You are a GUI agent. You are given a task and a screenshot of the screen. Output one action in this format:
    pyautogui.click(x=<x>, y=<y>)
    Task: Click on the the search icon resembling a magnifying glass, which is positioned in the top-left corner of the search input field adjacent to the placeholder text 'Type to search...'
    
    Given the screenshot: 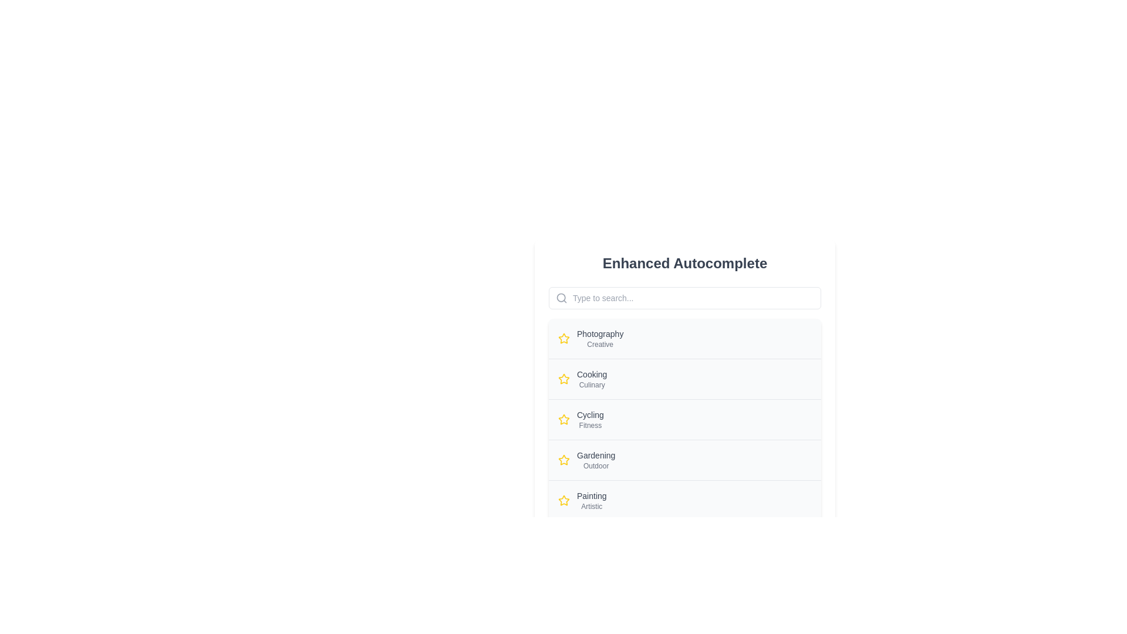 What is the action you would take?
    pyautogui.click(x=561, y=298)
    